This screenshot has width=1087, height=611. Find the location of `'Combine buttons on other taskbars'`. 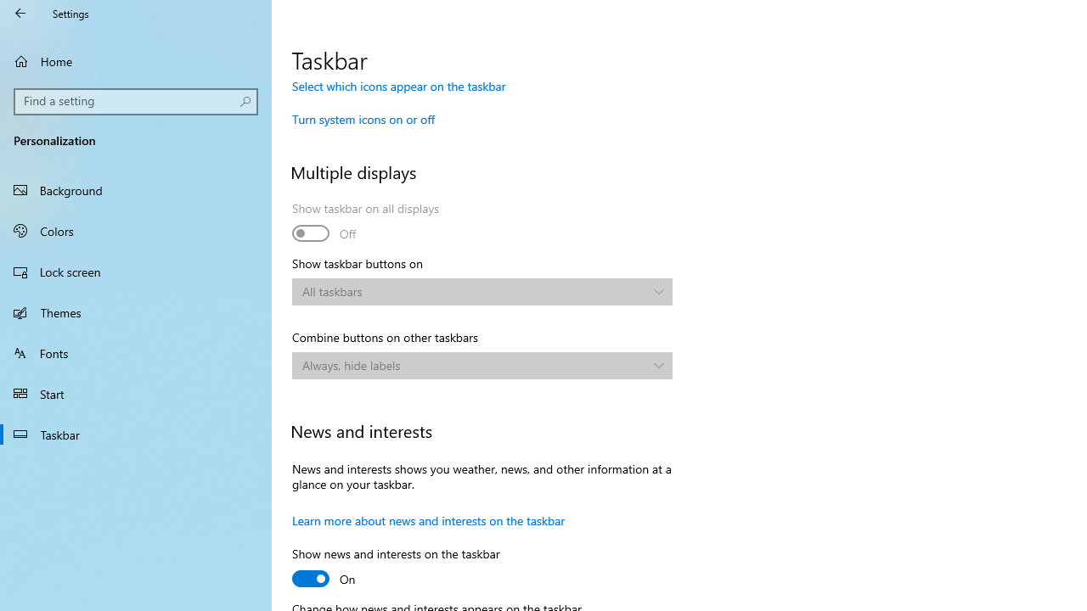

'Combine buttons on other taskbars' is located at coordinates (482, 364).